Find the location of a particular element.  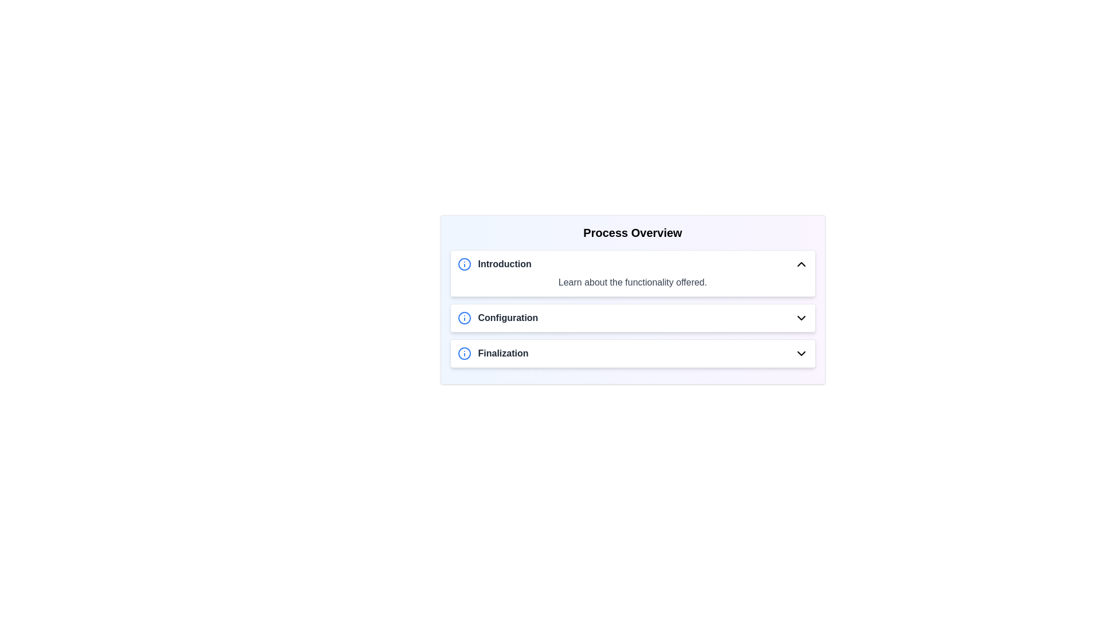

the downward-pointing chevron icon located at the far right of the 'Configuration' section in the second row of the list is located at coordinates (800, 318).